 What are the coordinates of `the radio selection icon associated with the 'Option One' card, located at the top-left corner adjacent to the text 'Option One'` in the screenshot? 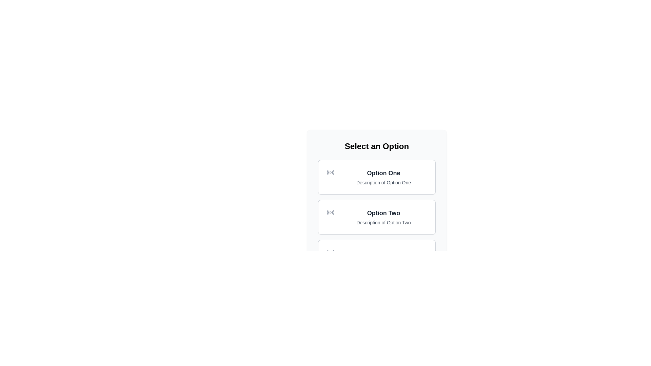 It's located at (330, 172).